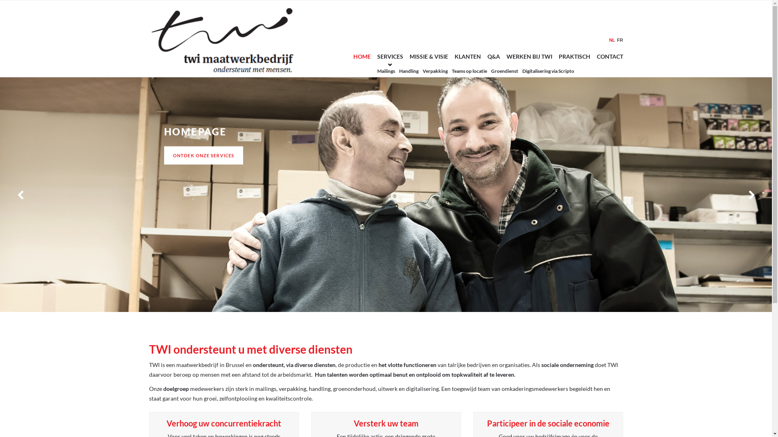 This screenshot has height=437, width=778. I want to click on 'Digitalisering via Scripto', so click(550, 70).